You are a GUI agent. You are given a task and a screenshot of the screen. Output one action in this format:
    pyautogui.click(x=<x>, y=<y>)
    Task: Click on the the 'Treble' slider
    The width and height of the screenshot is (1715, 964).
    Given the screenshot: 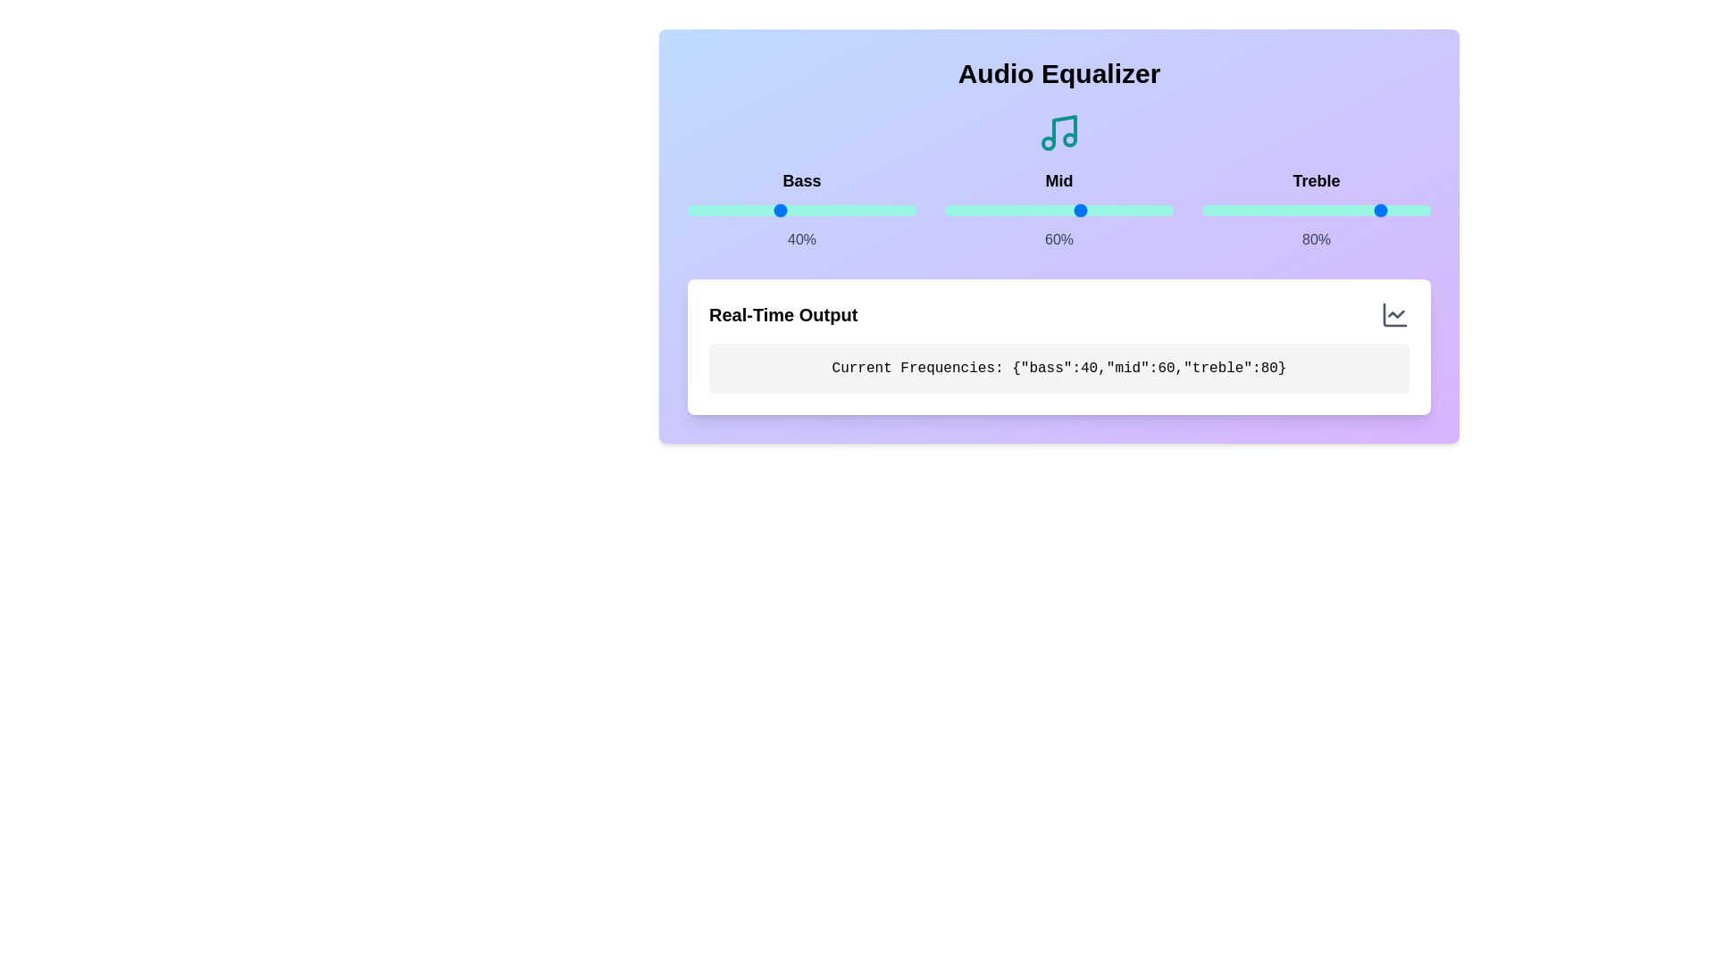 What is the action you would take?
    pyautogui.click(x=1291, y=209)
    